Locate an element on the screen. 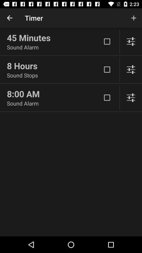 This screenshot has width=142, height=253. the item next to timer item is located at coordinates (134, 18).